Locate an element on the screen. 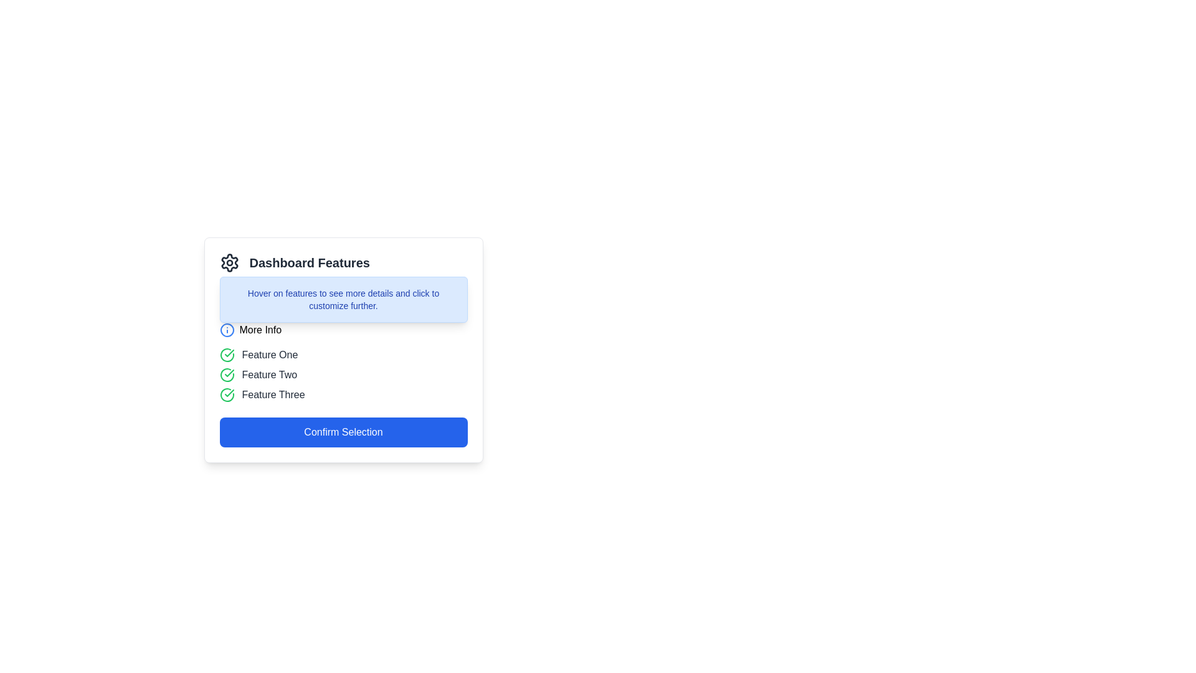 The image size is (1196, 673). the text label displaying 'More Info' in bold black typography, which is located below the description panel and above the list of features within the card titled 'Dashboard Features' is located at coordinates (260, 329).